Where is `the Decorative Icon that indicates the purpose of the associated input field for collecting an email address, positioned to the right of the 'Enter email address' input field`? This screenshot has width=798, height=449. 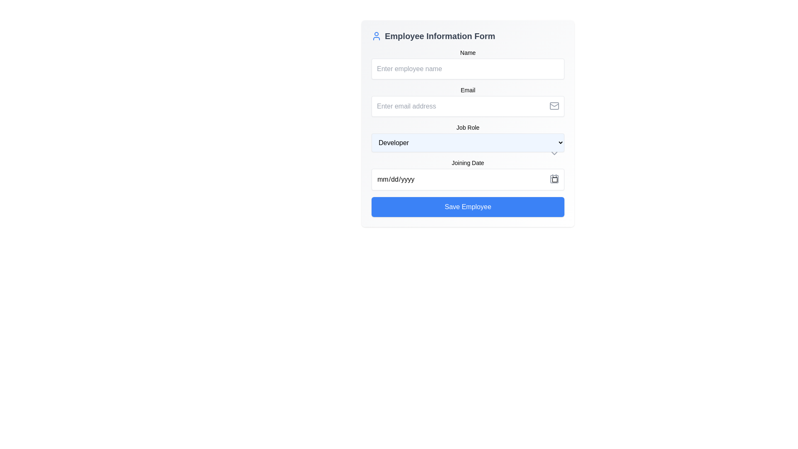
the Decorative Icon that indicates the purpose of the associated input field for collecting an email address, positioned to the right of the 'Enter email address' input field is located at coordinates (554, 105).